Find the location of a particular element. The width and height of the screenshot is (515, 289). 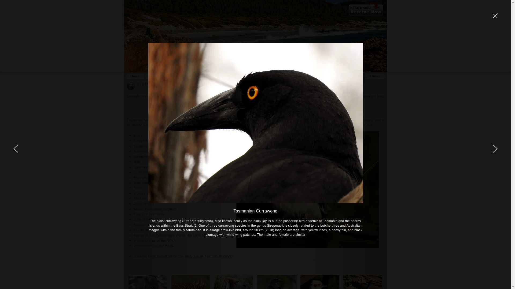

'Fauna of Tas Wilderness World Heritage Area' is located at coordinates (171, 230).